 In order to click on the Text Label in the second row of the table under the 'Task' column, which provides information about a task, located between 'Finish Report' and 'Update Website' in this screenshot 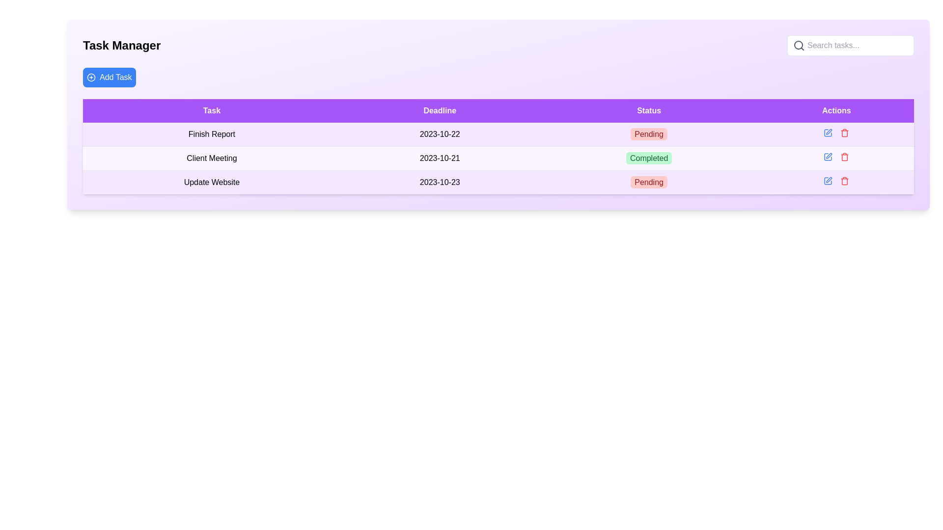, I will do `click(211, 158)`.